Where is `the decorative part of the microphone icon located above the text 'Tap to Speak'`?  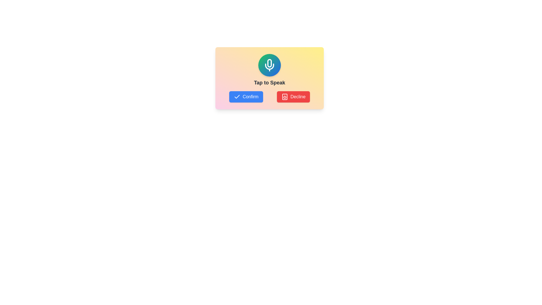 the decorative part of the microphone icon located above the text 'Tap to Speak' is located at coordinates (269, 63).